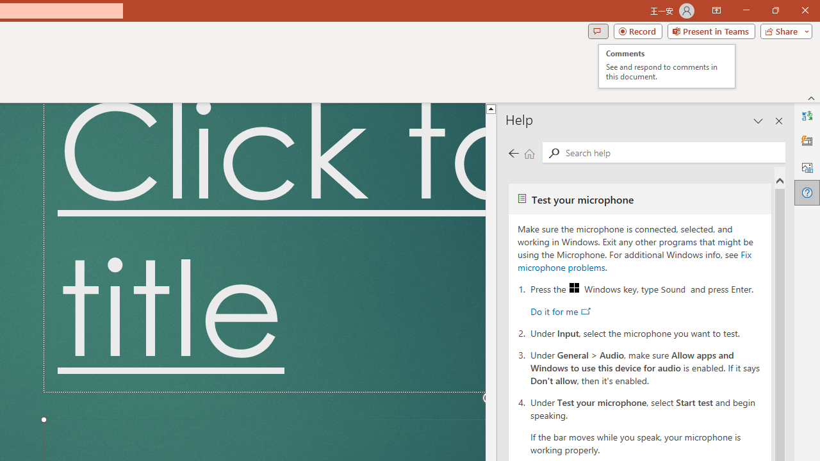 The image size is (820, 461). I want to click on 'New Windows key logo', so click(573, 287).